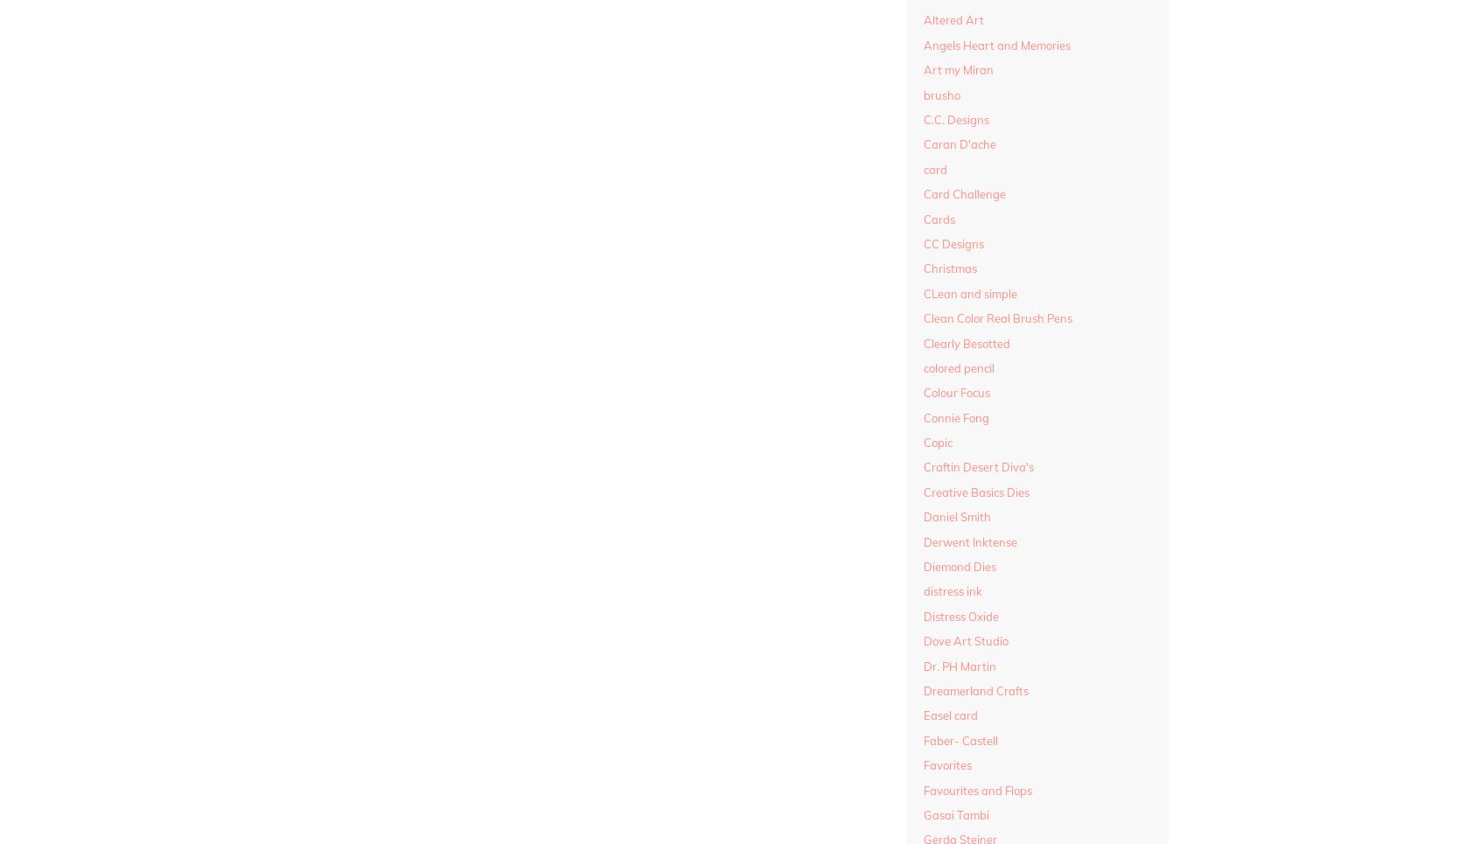 This screenshot has height=844, width=1480. What do you see at coordinates (937, 443) in the screenshot?
I see `'Copic'` at bounding box center [937, 443].